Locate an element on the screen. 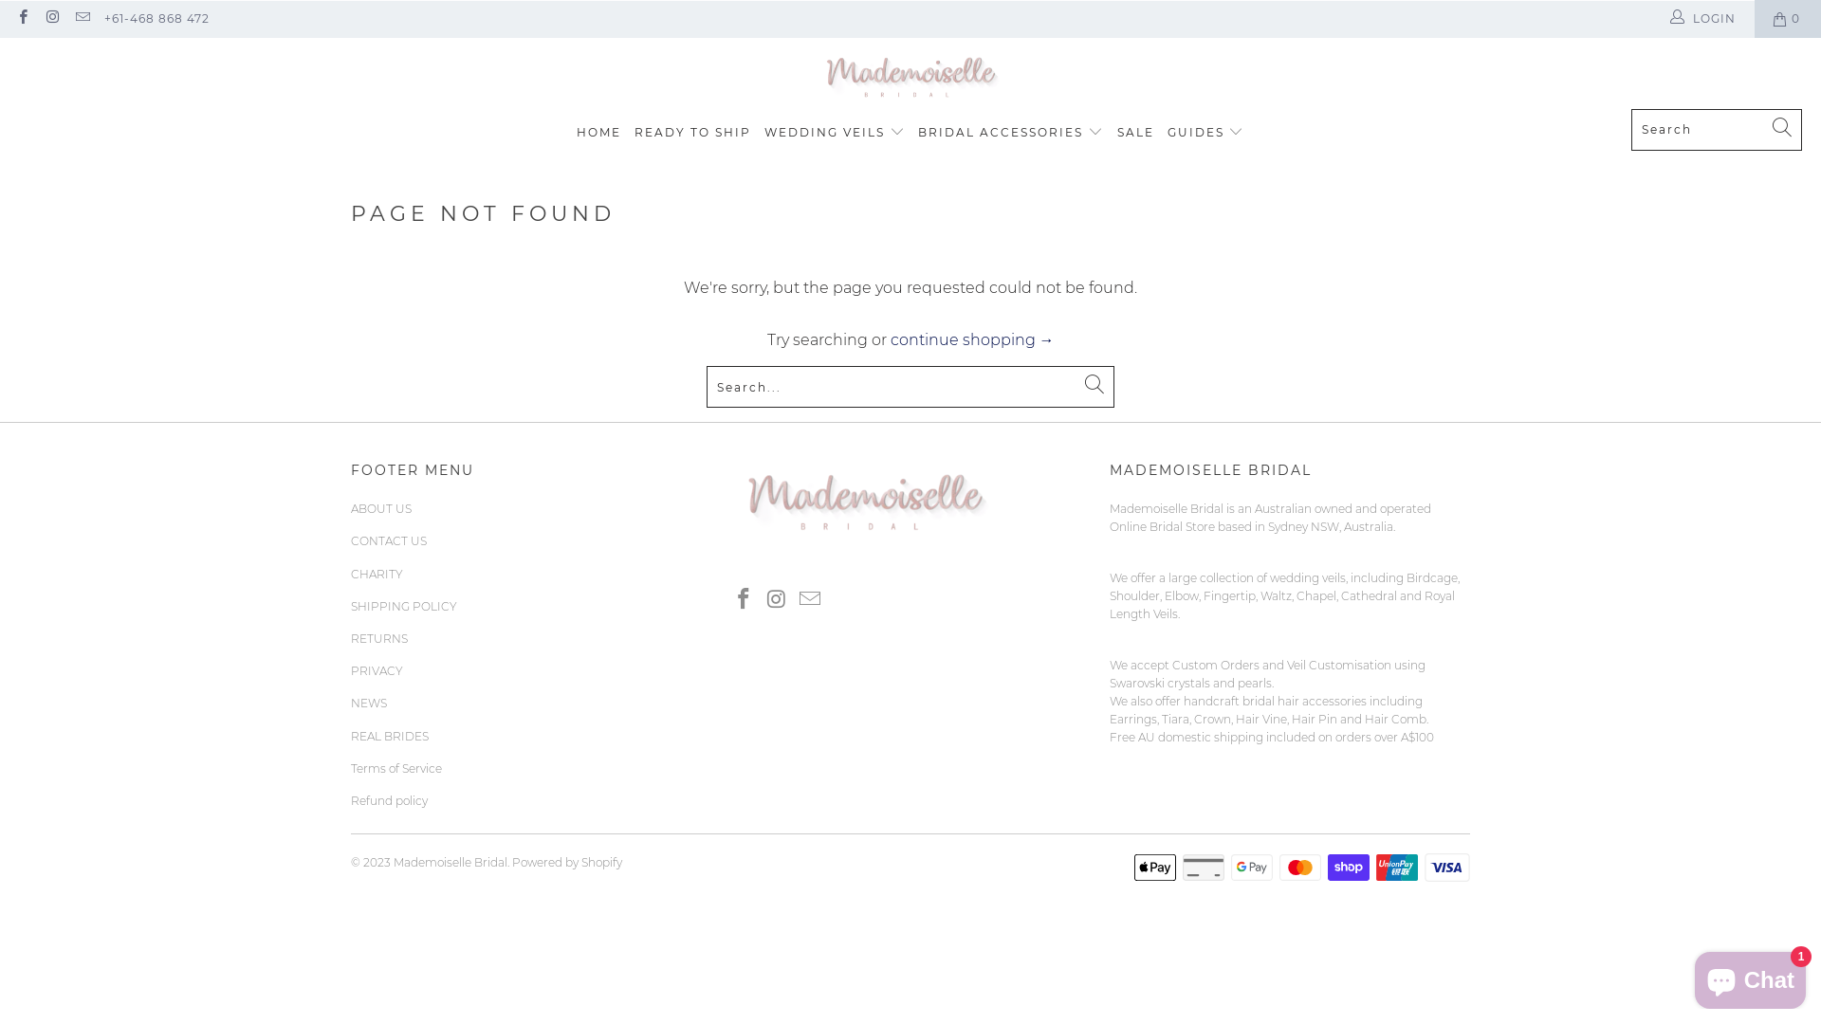 This screenshot has width=1821, height=1024. 'RETURNS' is located at coordinates (378, 638).